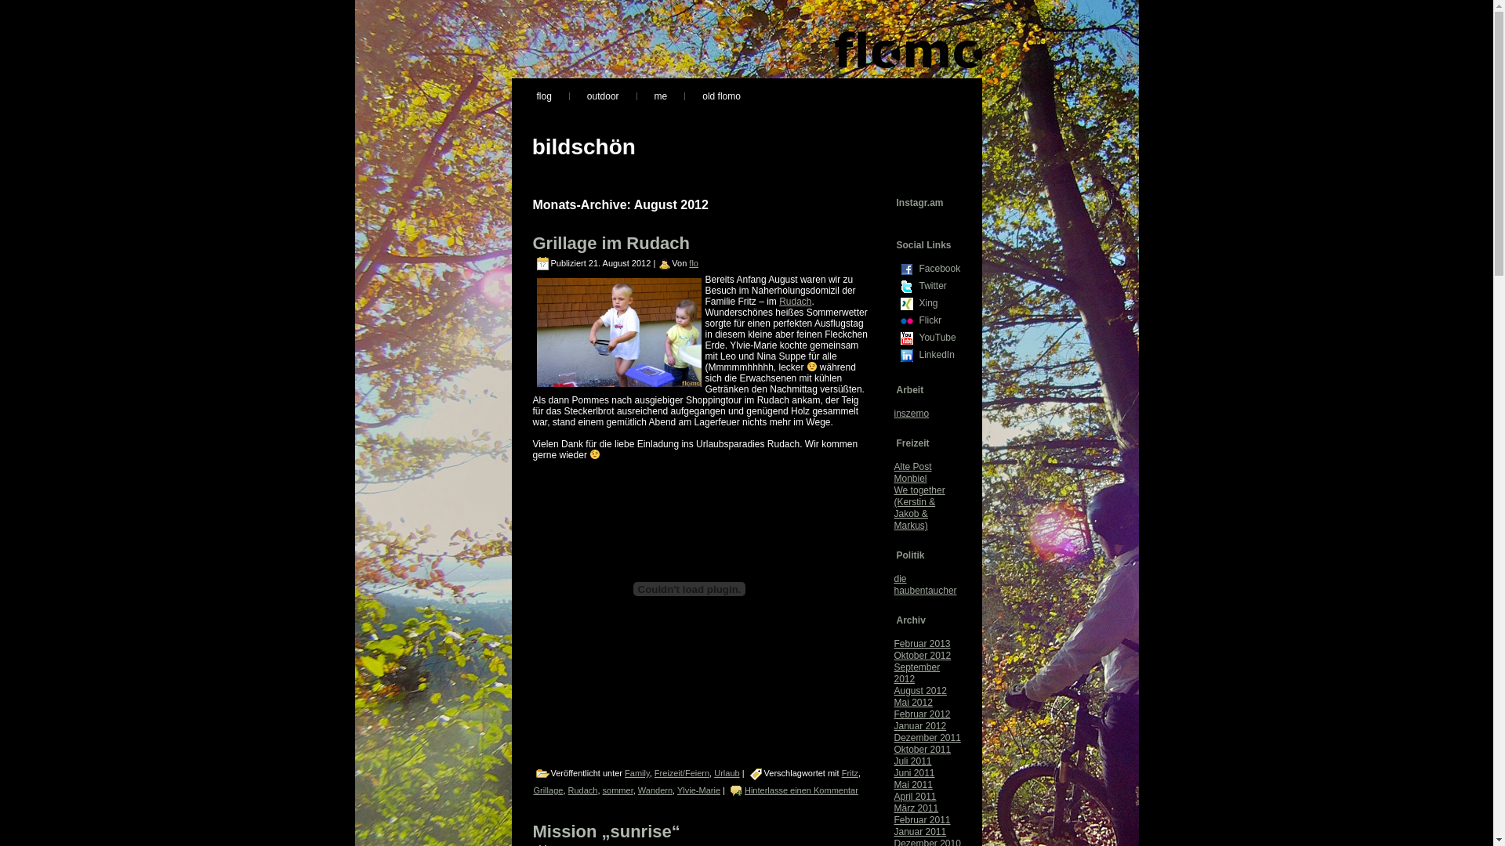 The width and height of the screenshot is (1505, 846). What do you see at coordinates (778, 302) in the screenshot?
I see `'Rudach'` at bounding box center [778, 302].